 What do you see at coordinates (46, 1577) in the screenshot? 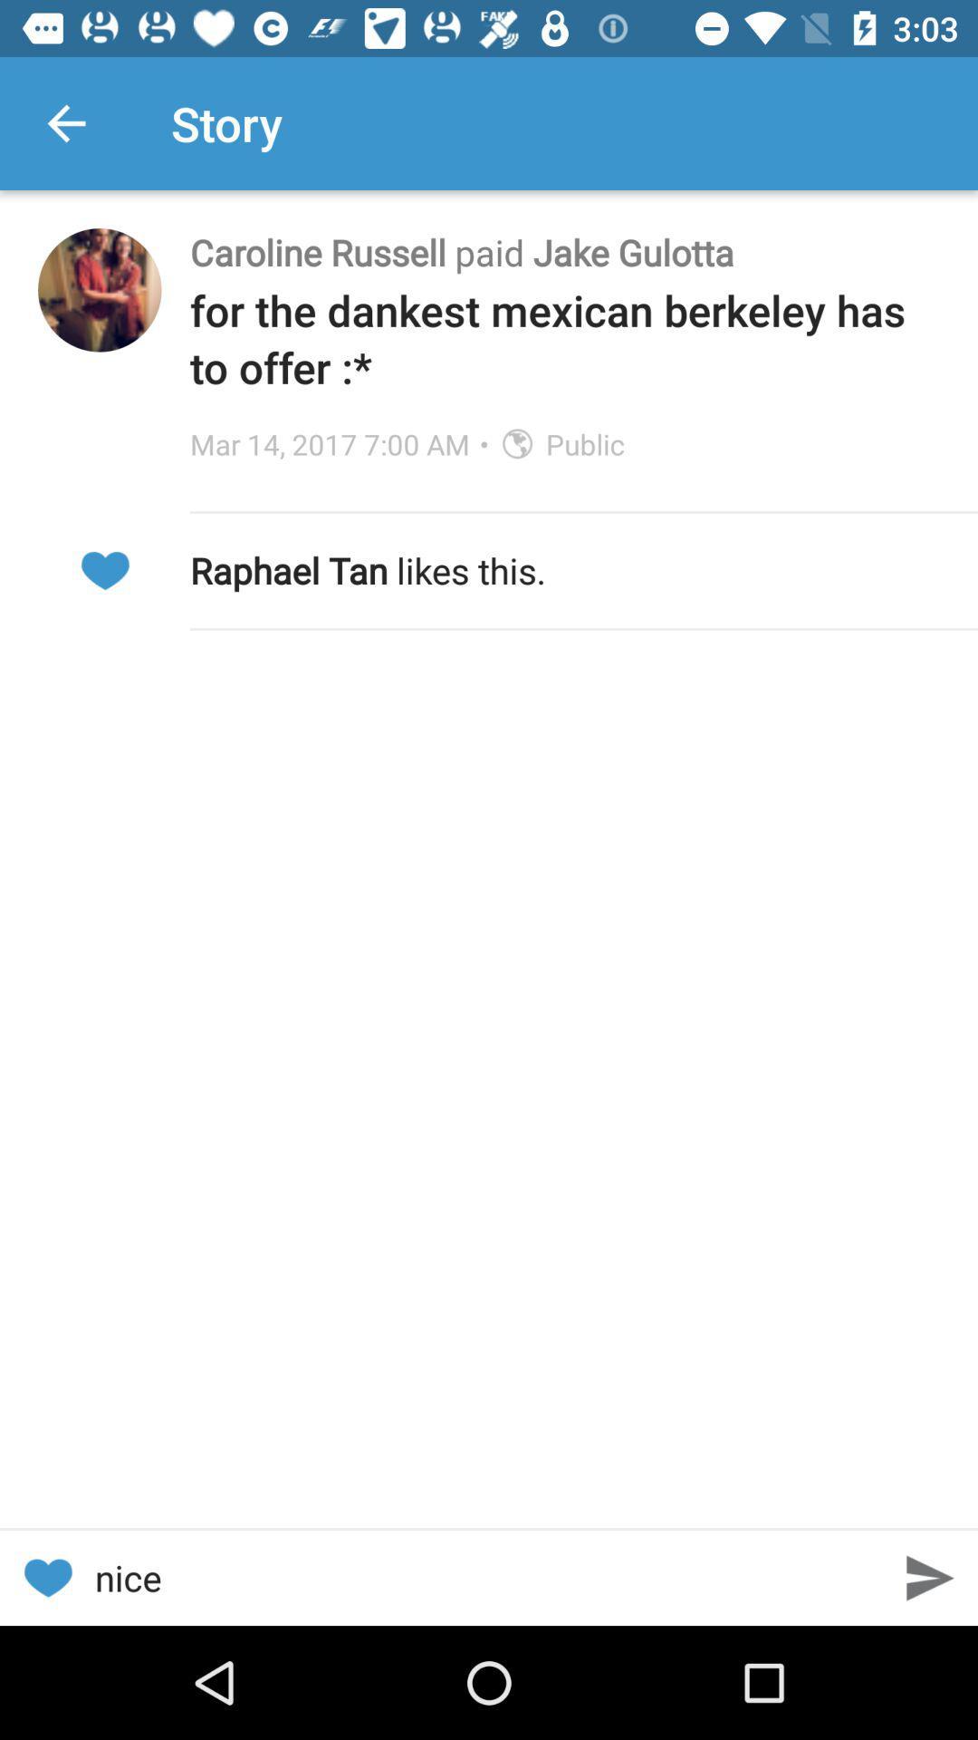
I see `the favorite icon` at bounding box center [46, 1577].